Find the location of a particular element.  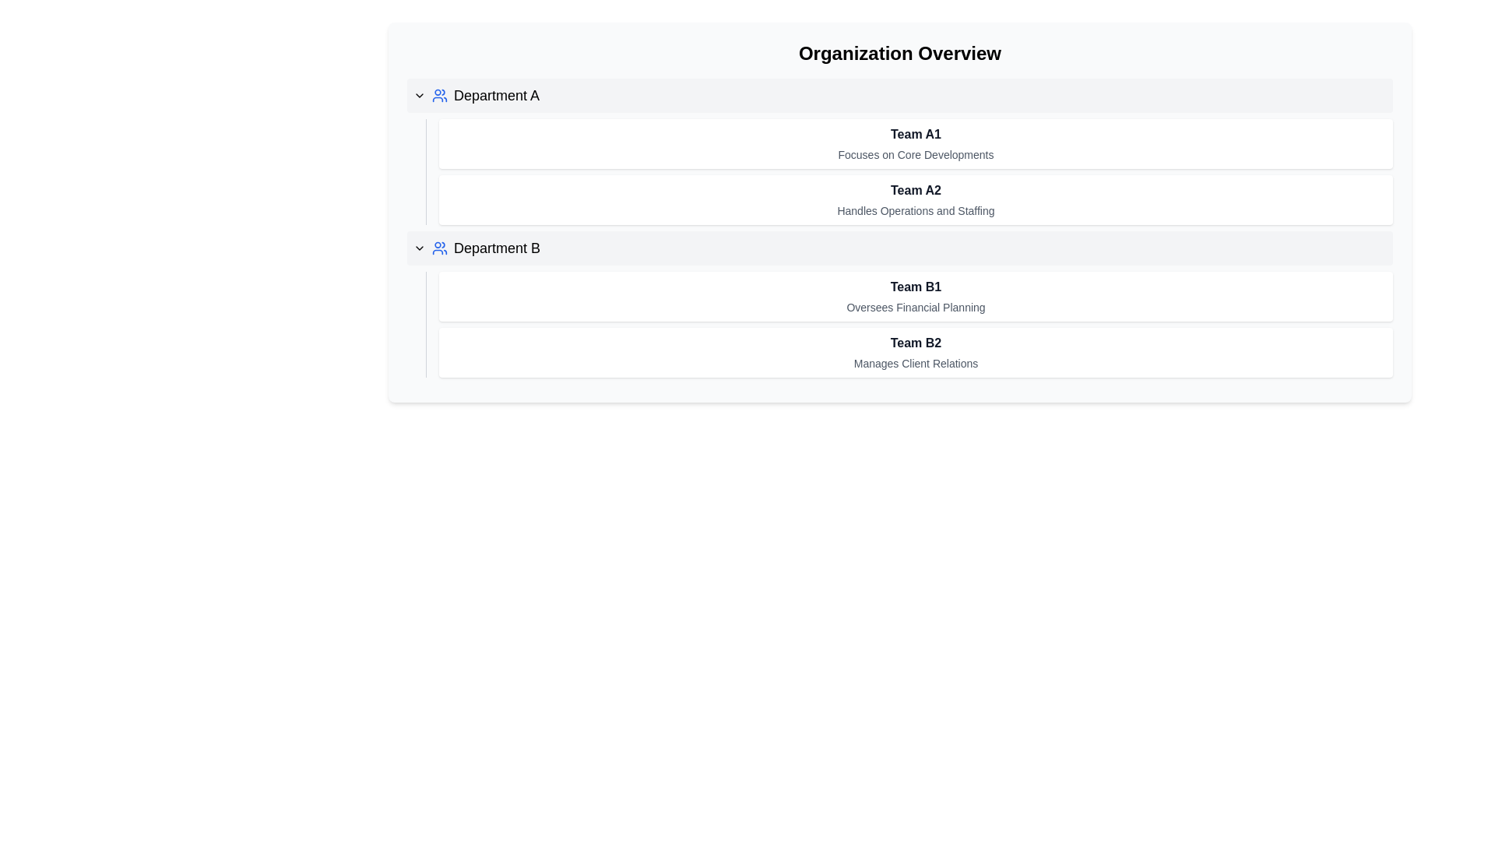

the blue vector graphic icon of two individuals in the 'Department A' section is located at coordinates (439, 96).